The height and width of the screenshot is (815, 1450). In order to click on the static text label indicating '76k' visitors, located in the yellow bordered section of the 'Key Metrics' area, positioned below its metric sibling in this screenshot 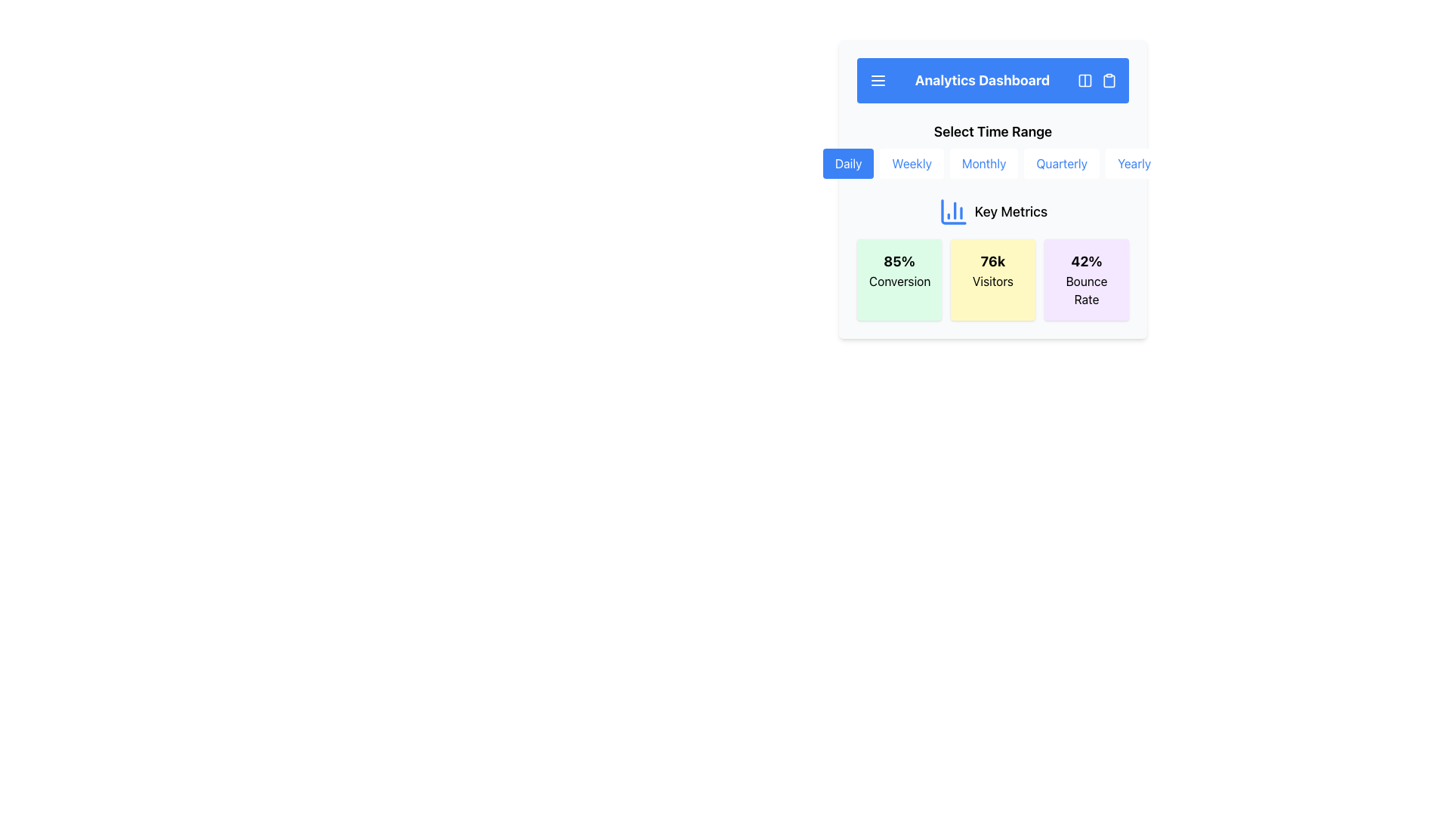, I will do `click(993, 281)`.